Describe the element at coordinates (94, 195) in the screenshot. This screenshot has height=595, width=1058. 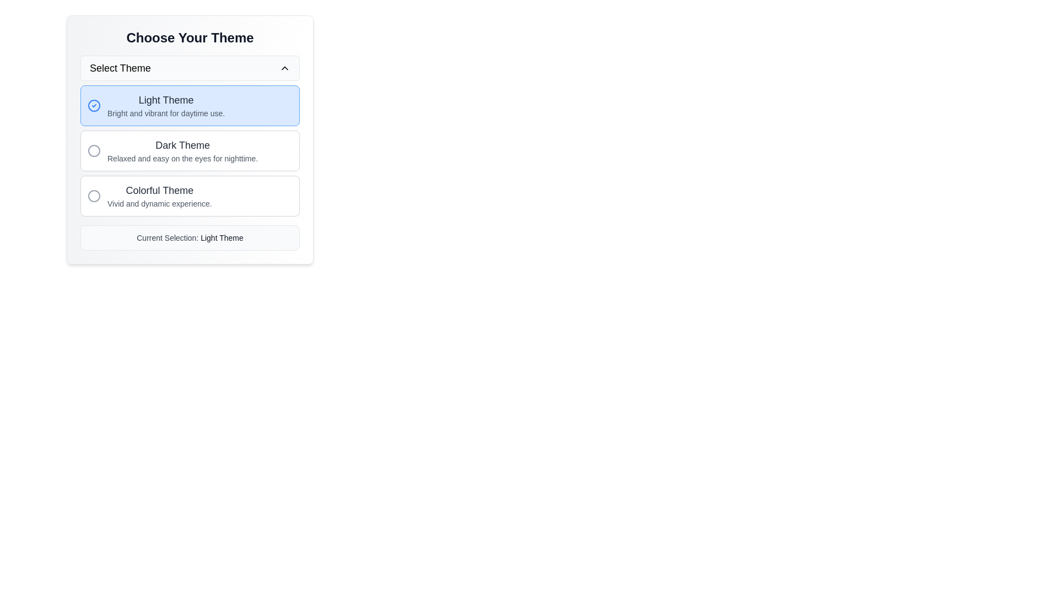
I see `the radio button with a gray outline` at that location.